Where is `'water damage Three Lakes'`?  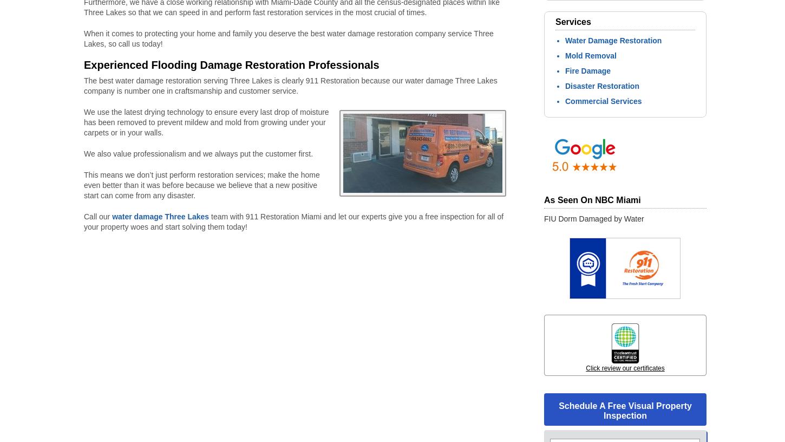 'water damage Three Lakes' is located at coordinates (160, 217).